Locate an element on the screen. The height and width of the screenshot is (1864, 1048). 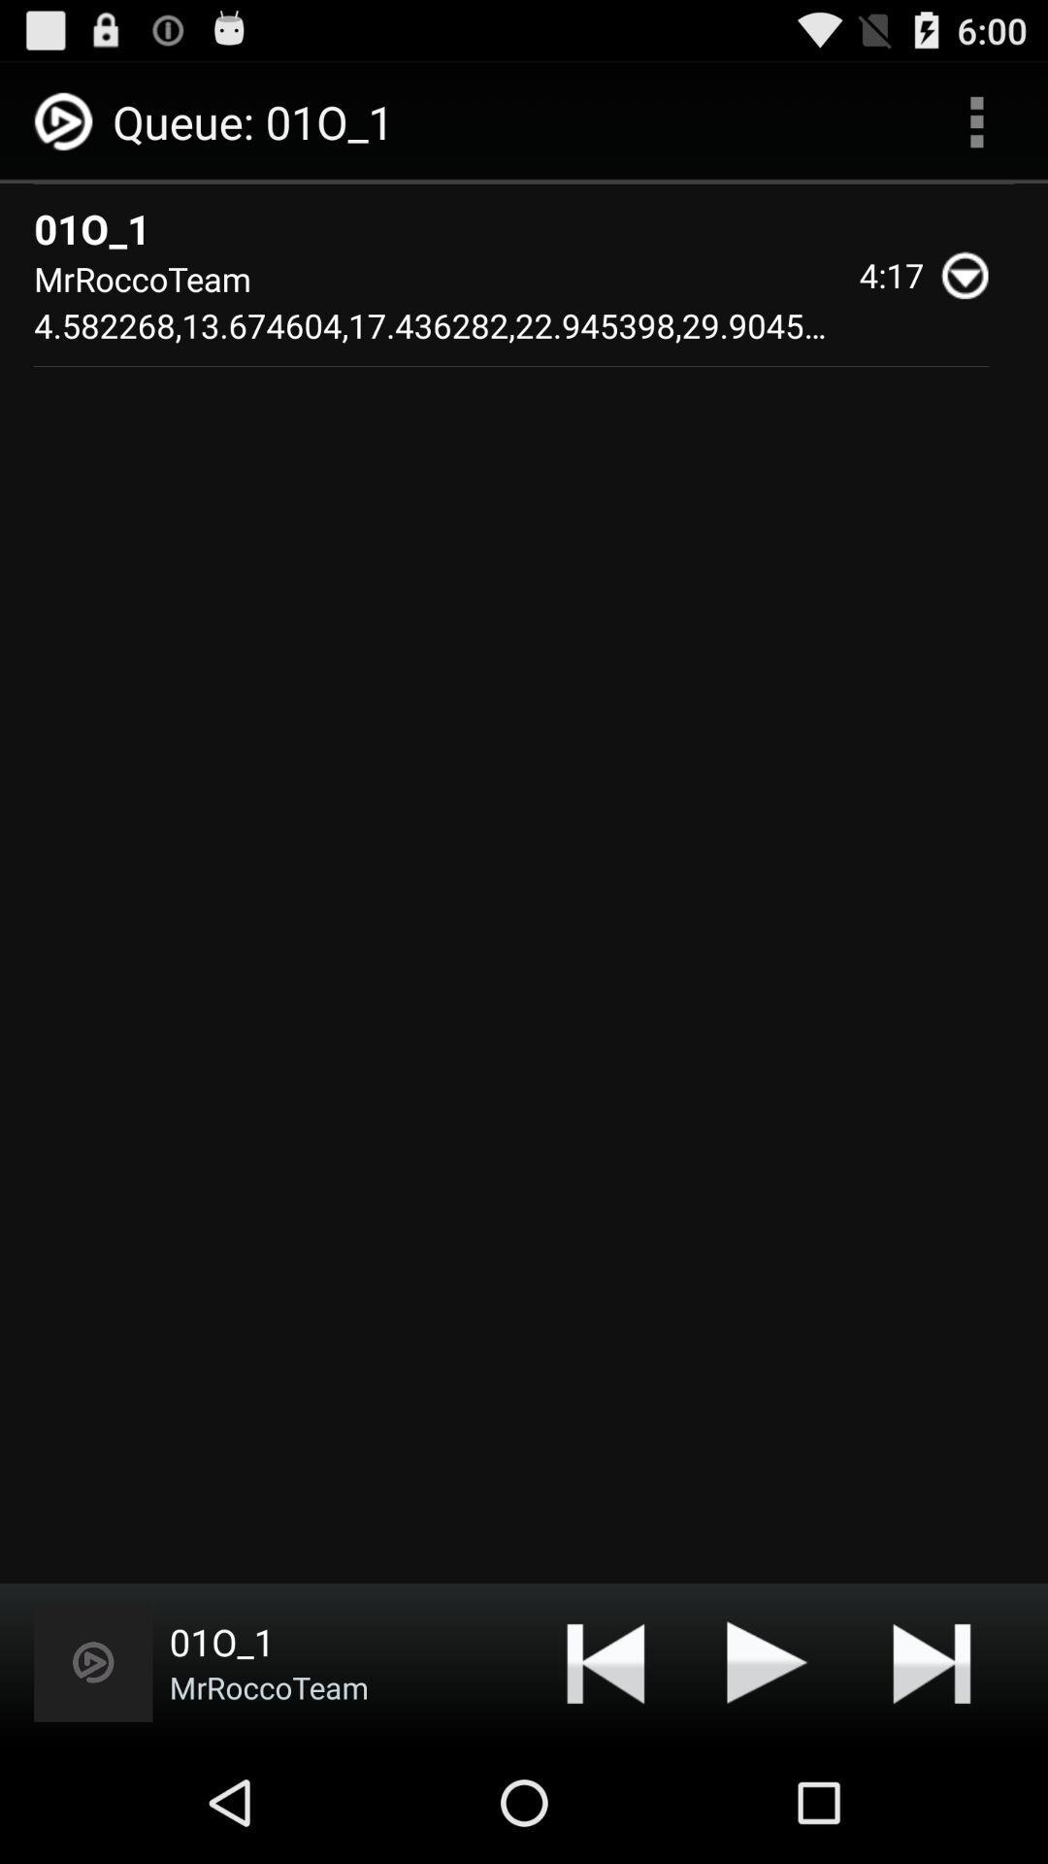
icon to the left of 01o_1 icon is located at coordinates (93, 1661).